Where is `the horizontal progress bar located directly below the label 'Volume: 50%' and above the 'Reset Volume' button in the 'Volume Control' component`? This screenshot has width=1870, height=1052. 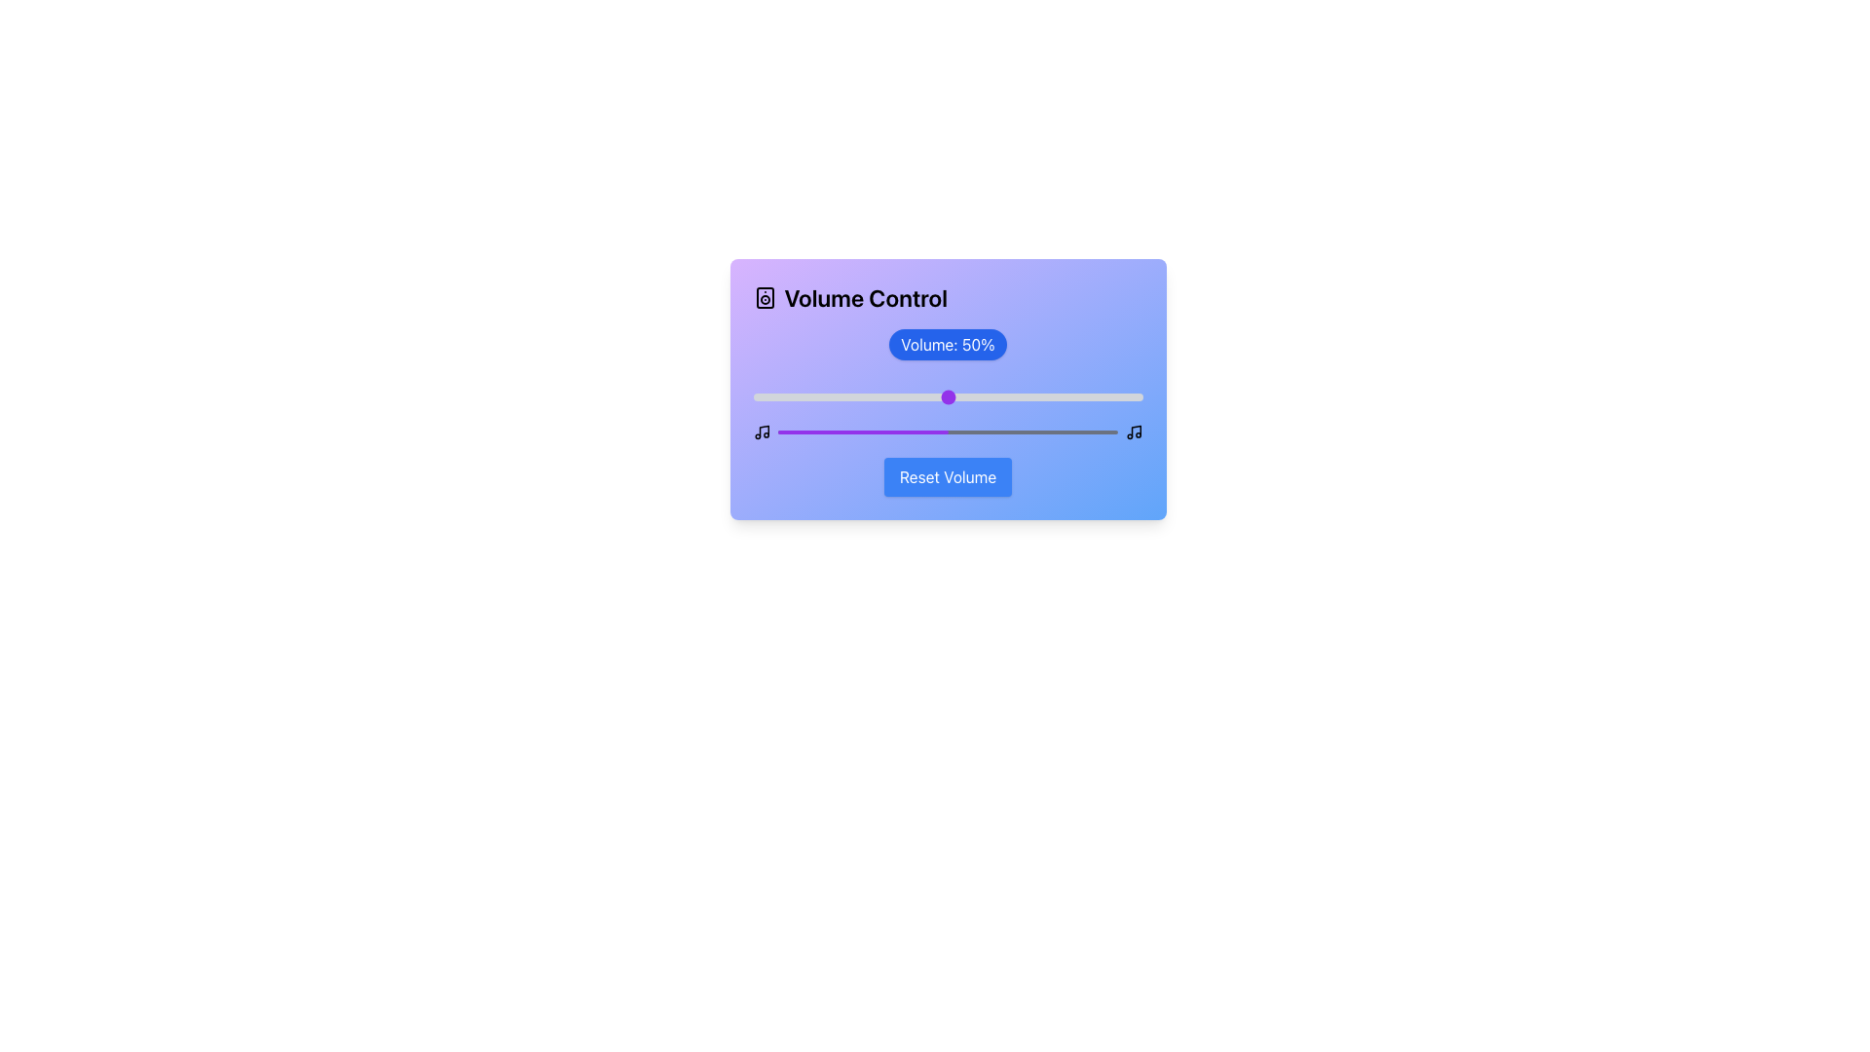 the horizontal progress bar located directly below the label 'Volume: 50%' and above the 'Reset Volume' button in the 'Volume Control' component is located at coordinates (948, 431).